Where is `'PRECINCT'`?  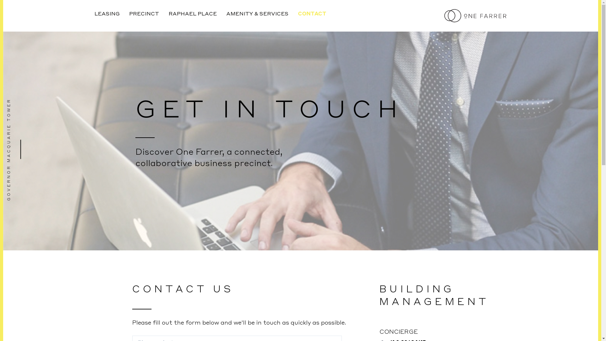
'PRECINCT' is located at coordinates (144, 14).